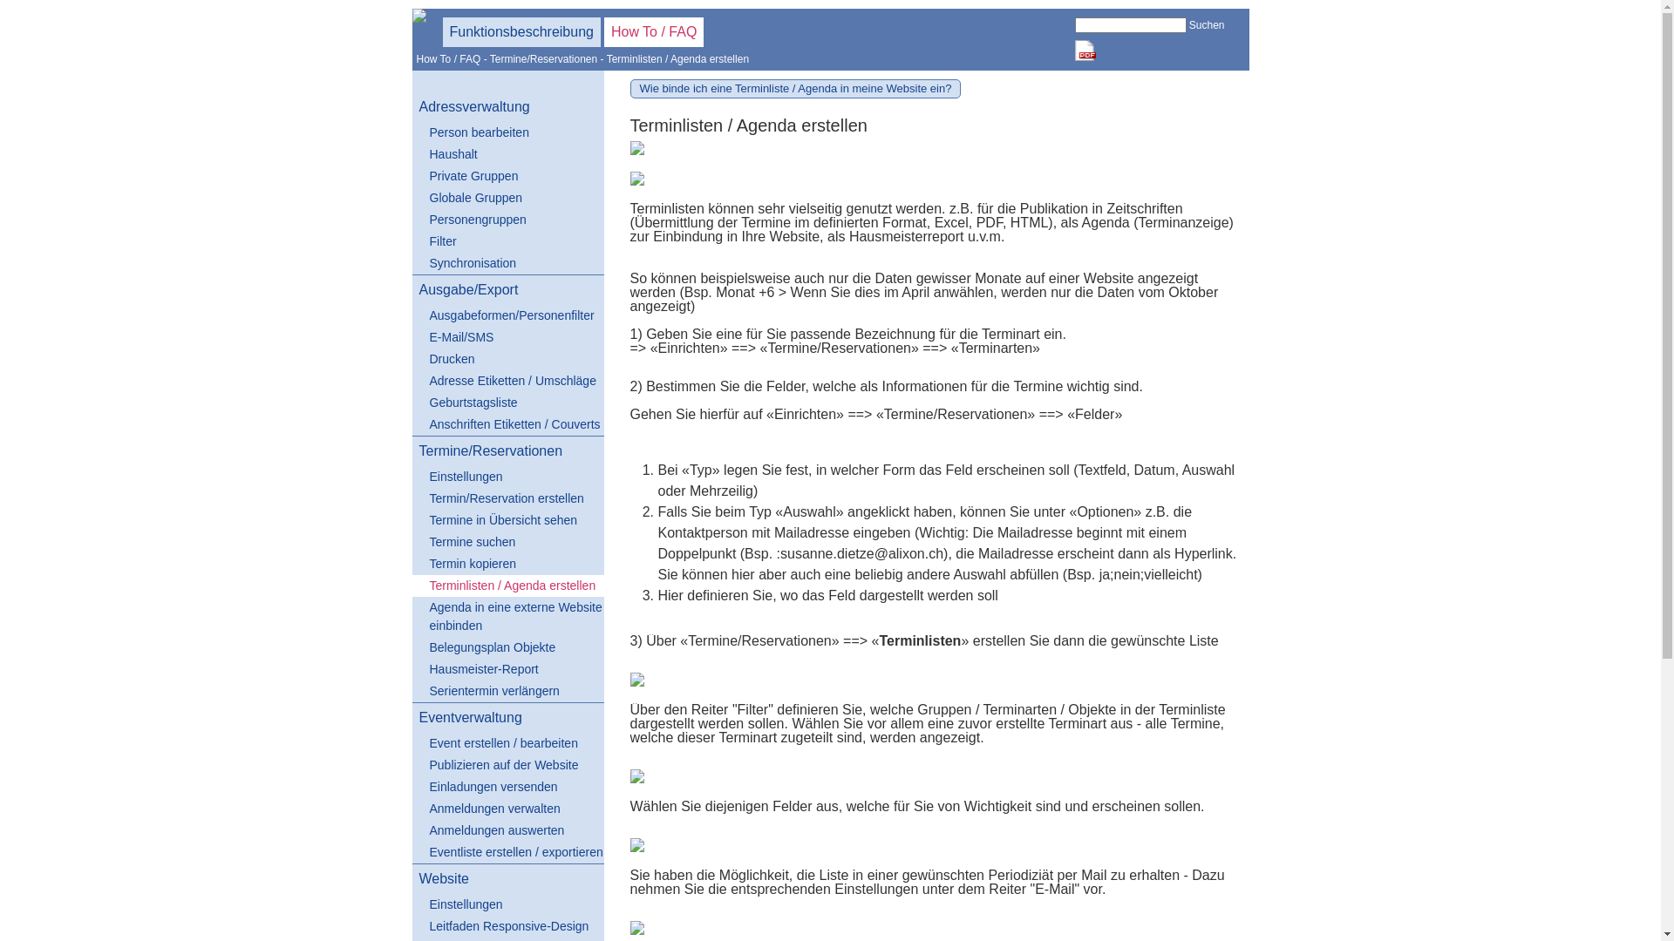 The height and width of the screenshot is (941, 1674). What do you see at coordinates (506, 263) in the screenshot?
I see `'Synchronisation'` at bounding box center [506, 263].